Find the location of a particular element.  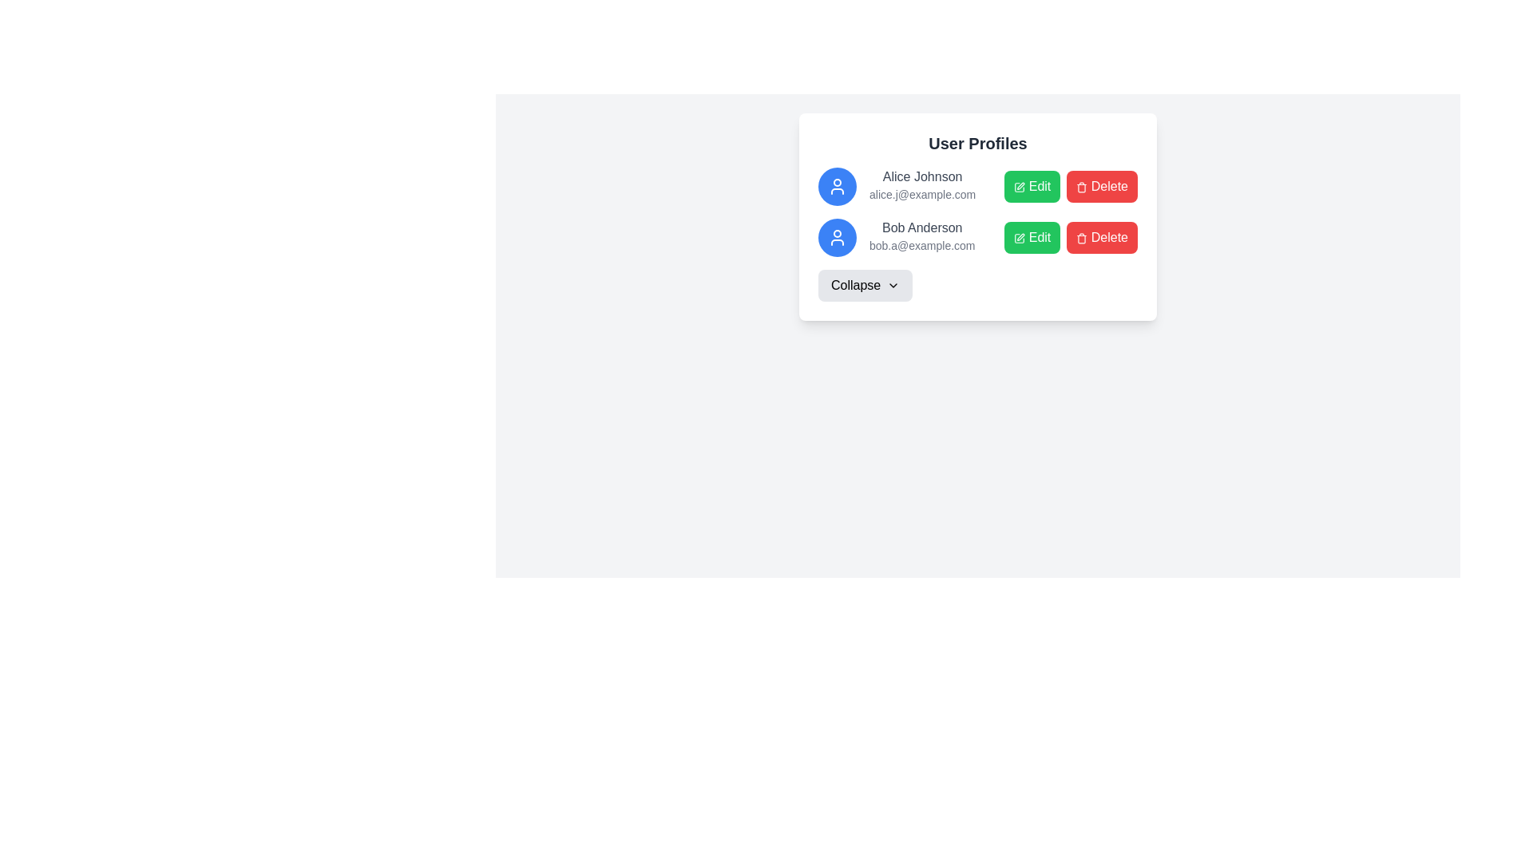

the trash bin icon with a red background and white border within the 'Delete' button for user Bob Anderson's profile is located at coordinates (1082, 186).